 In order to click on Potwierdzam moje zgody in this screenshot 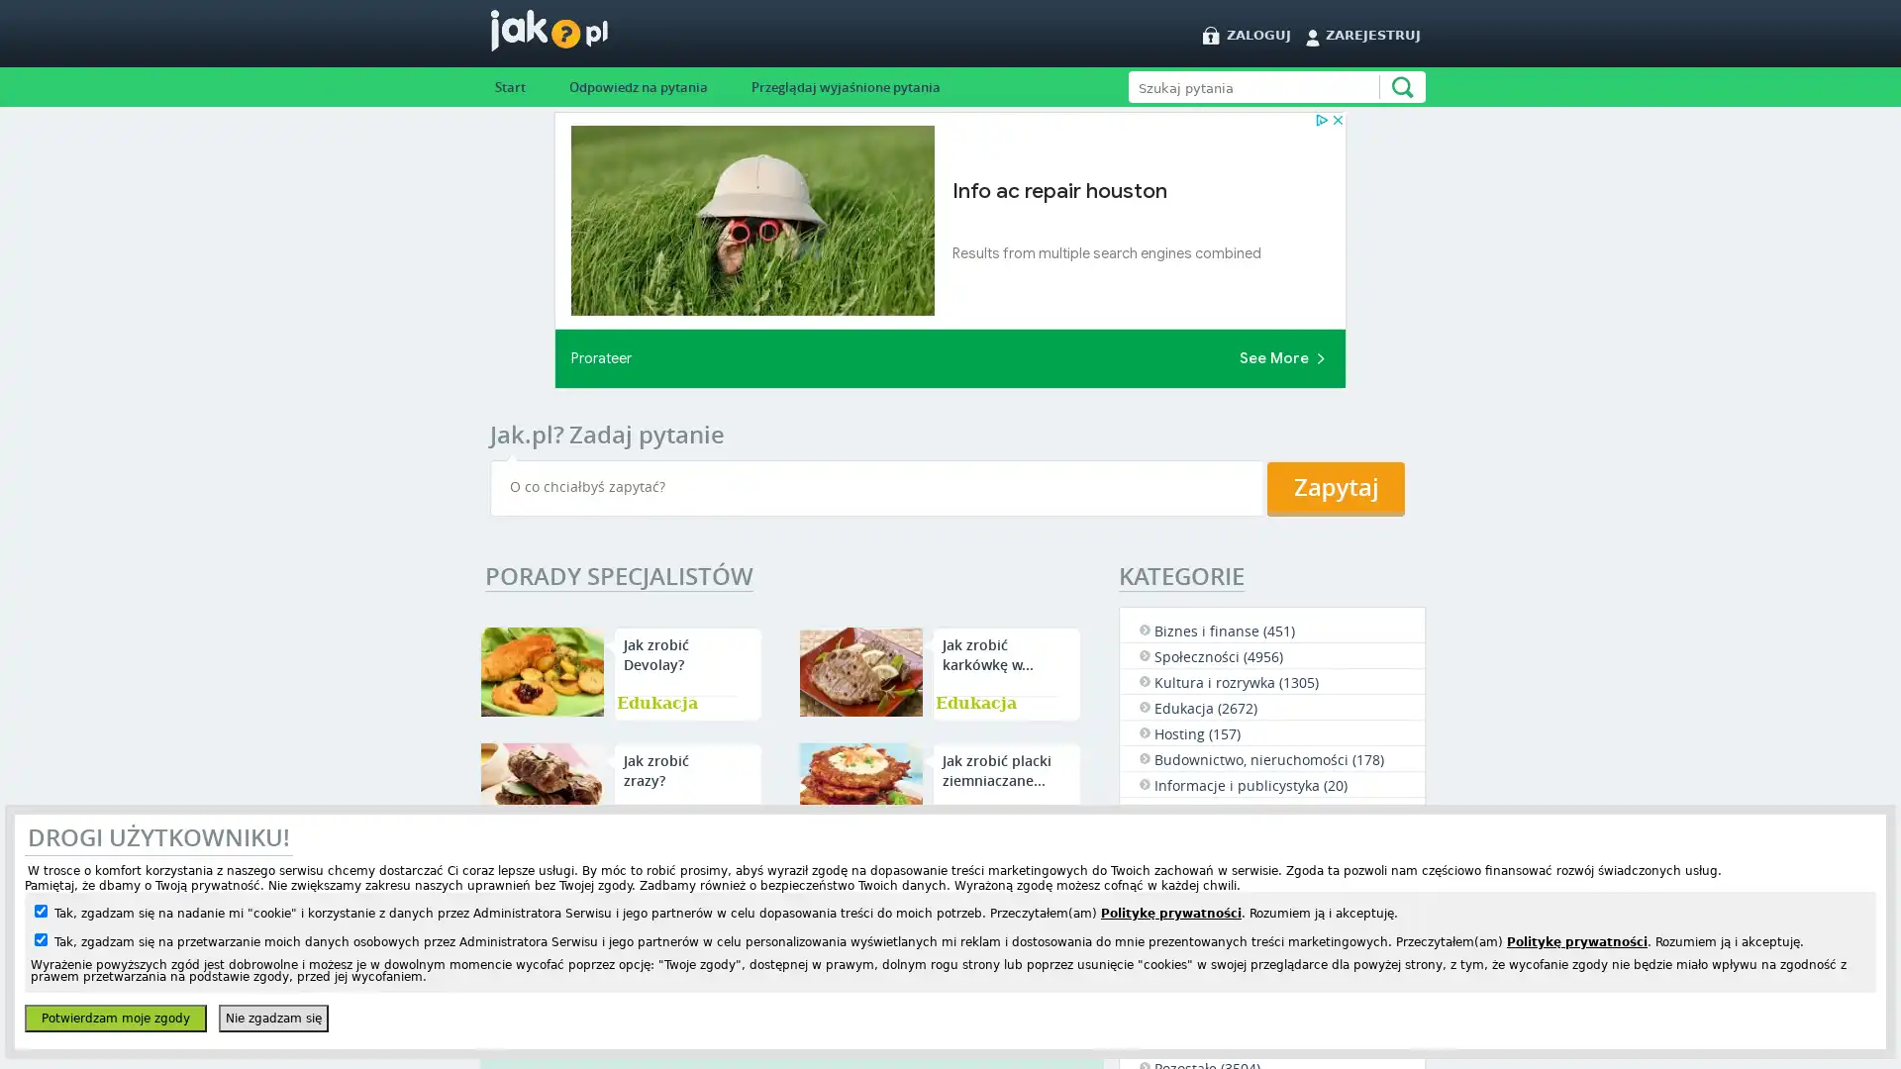, I will do `click(114, 1019)`.